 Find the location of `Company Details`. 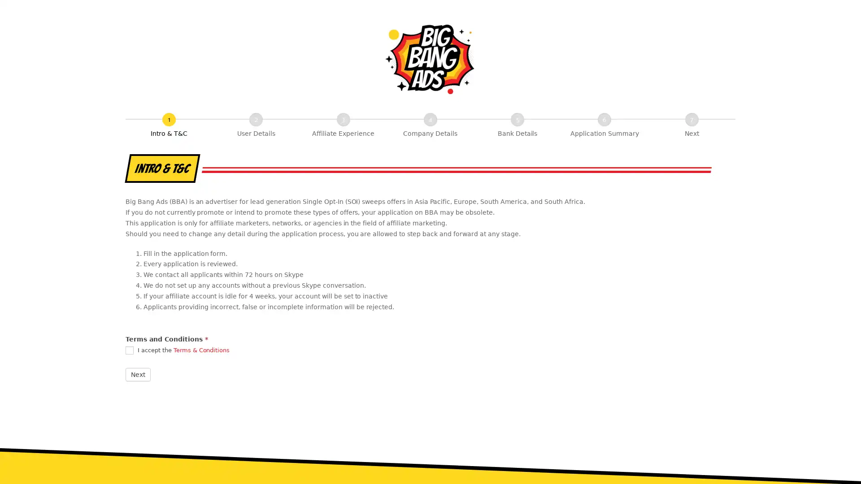

Company Details is located at coordinates (430, 119).